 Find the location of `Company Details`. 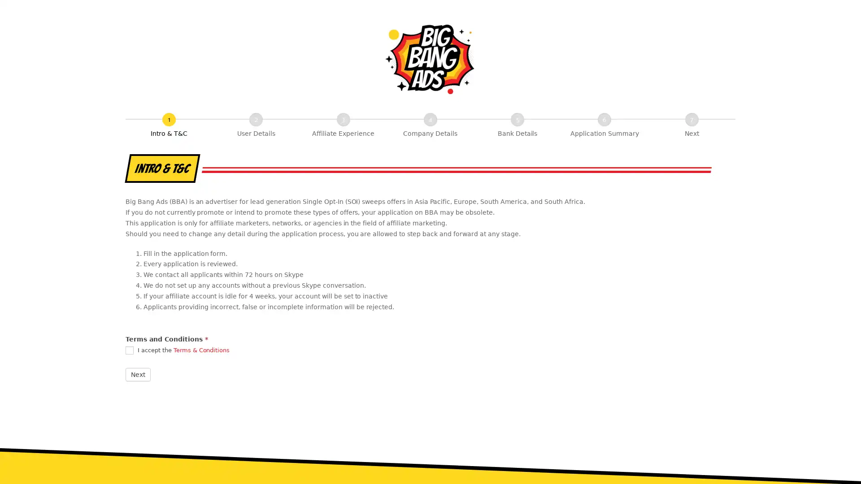

Company Details is located at coordinates (430, 119).